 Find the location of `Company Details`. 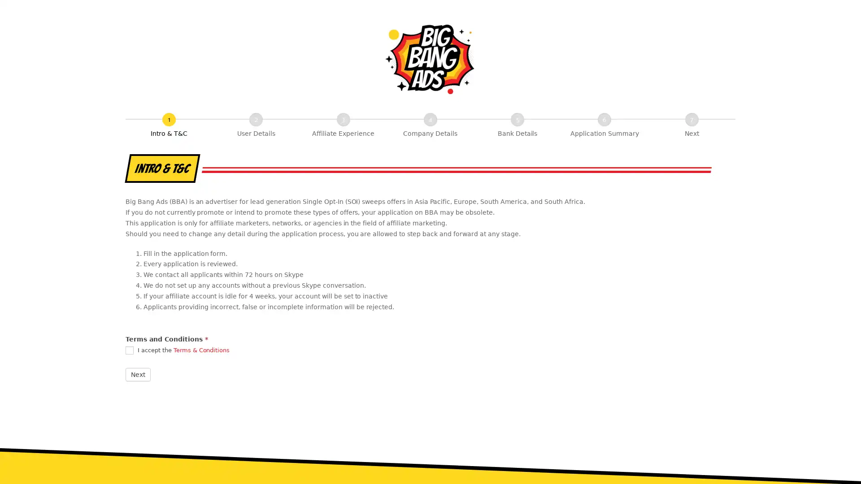

Company Details is located at coordinates (430, 119).